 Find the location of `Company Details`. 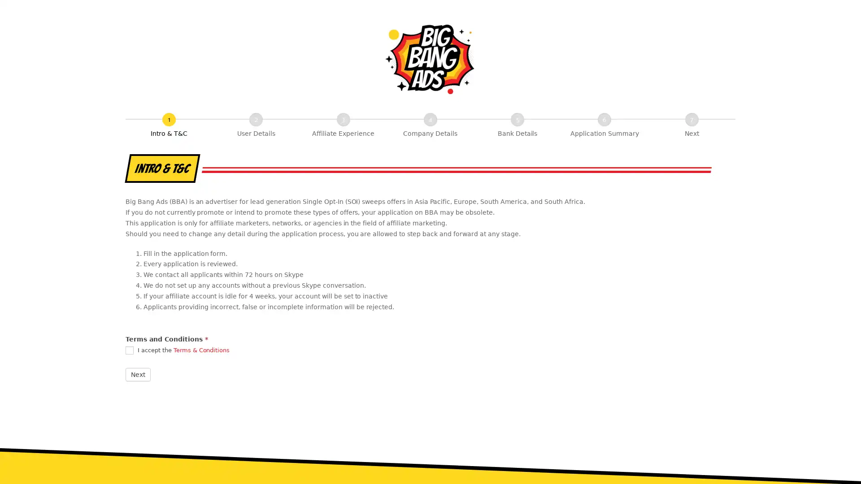

Company Details is located at coordinates (430, 119).